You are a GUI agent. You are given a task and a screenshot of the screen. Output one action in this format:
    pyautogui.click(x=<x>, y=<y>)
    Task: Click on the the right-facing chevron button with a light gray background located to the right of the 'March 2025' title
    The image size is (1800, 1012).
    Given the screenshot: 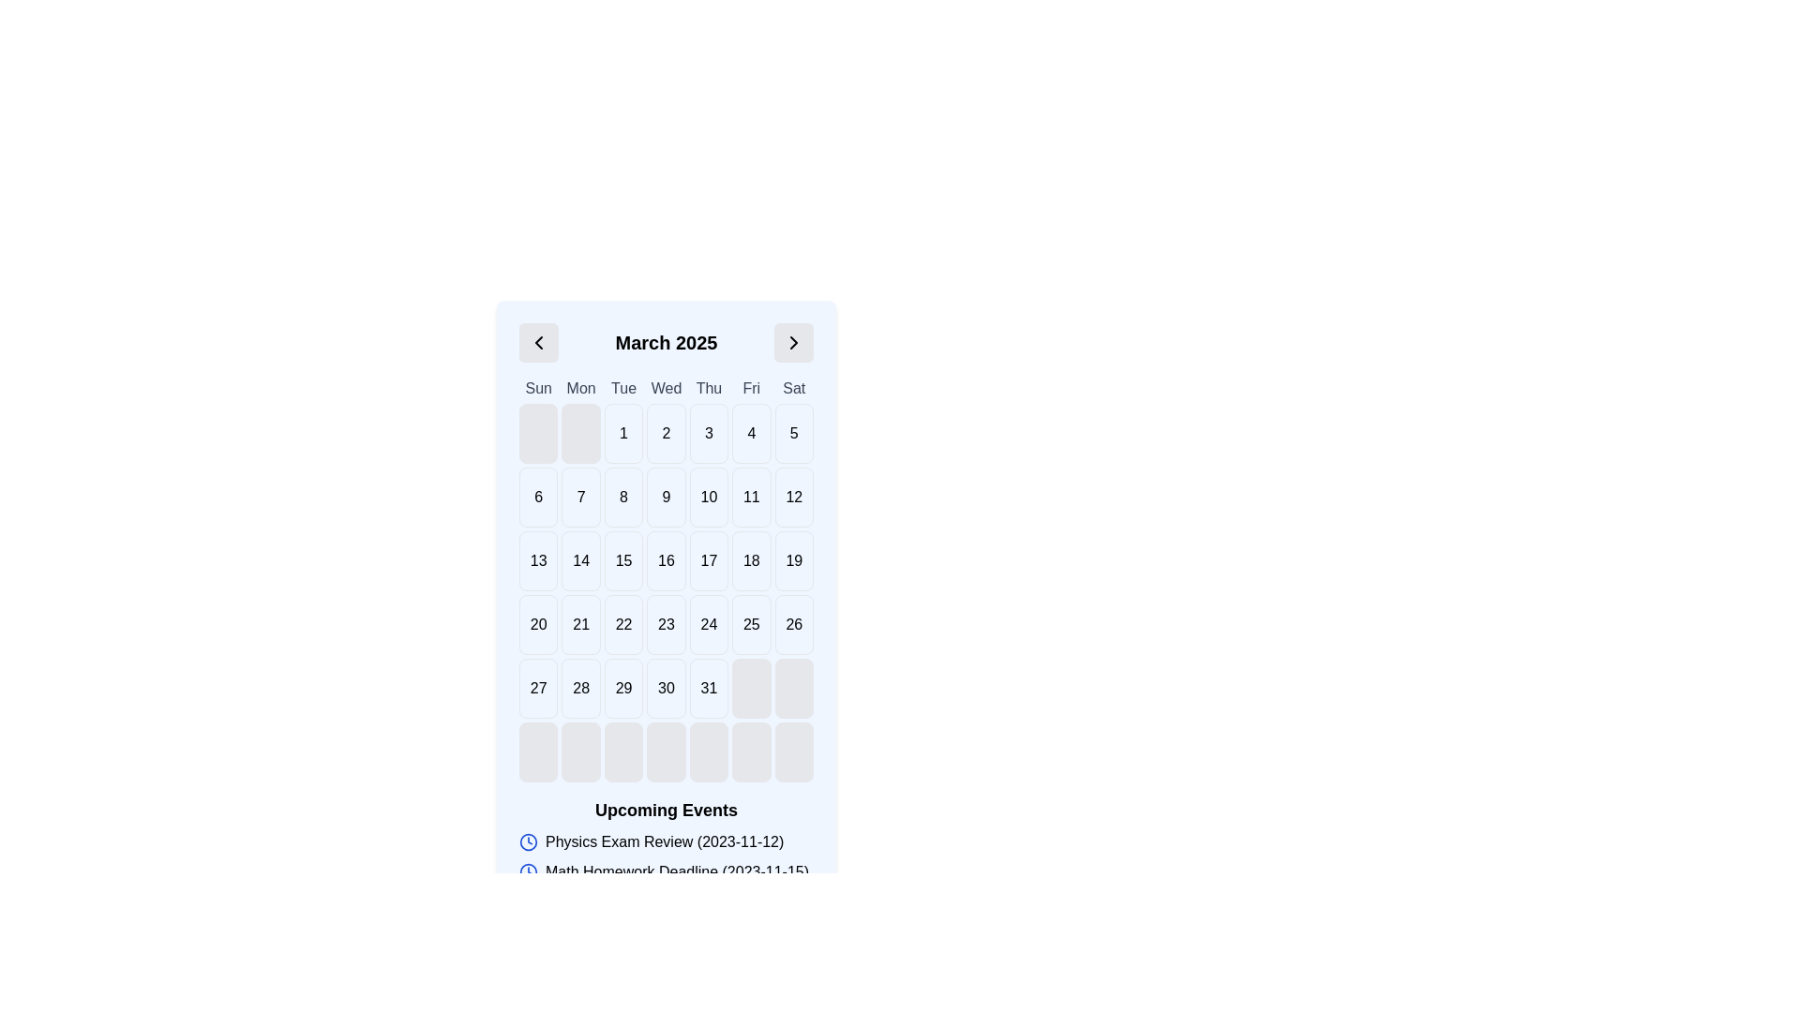 What is the action you would take?
    pyautogui.click(x=793, y=343)
    